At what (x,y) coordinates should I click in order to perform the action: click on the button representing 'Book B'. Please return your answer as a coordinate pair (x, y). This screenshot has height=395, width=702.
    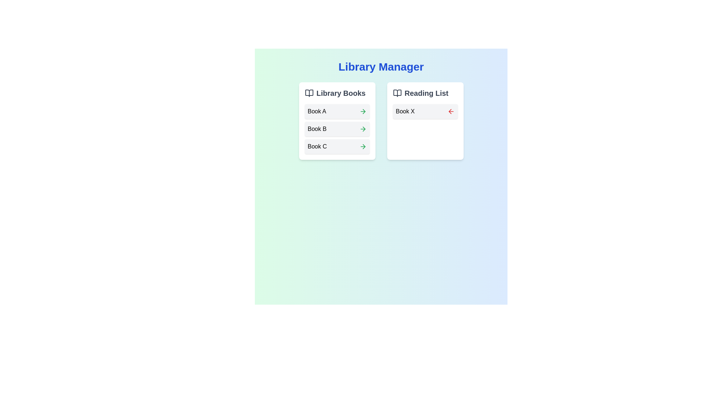
    Looking at the image, I should click on (336, 129).